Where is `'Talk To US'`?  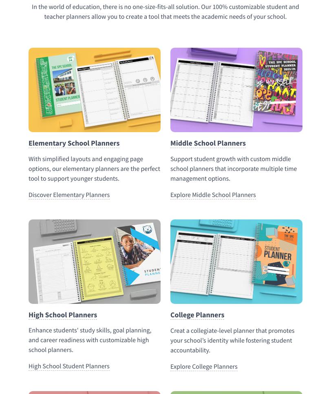 'Talk To US' is located at coordinates (38, 84).